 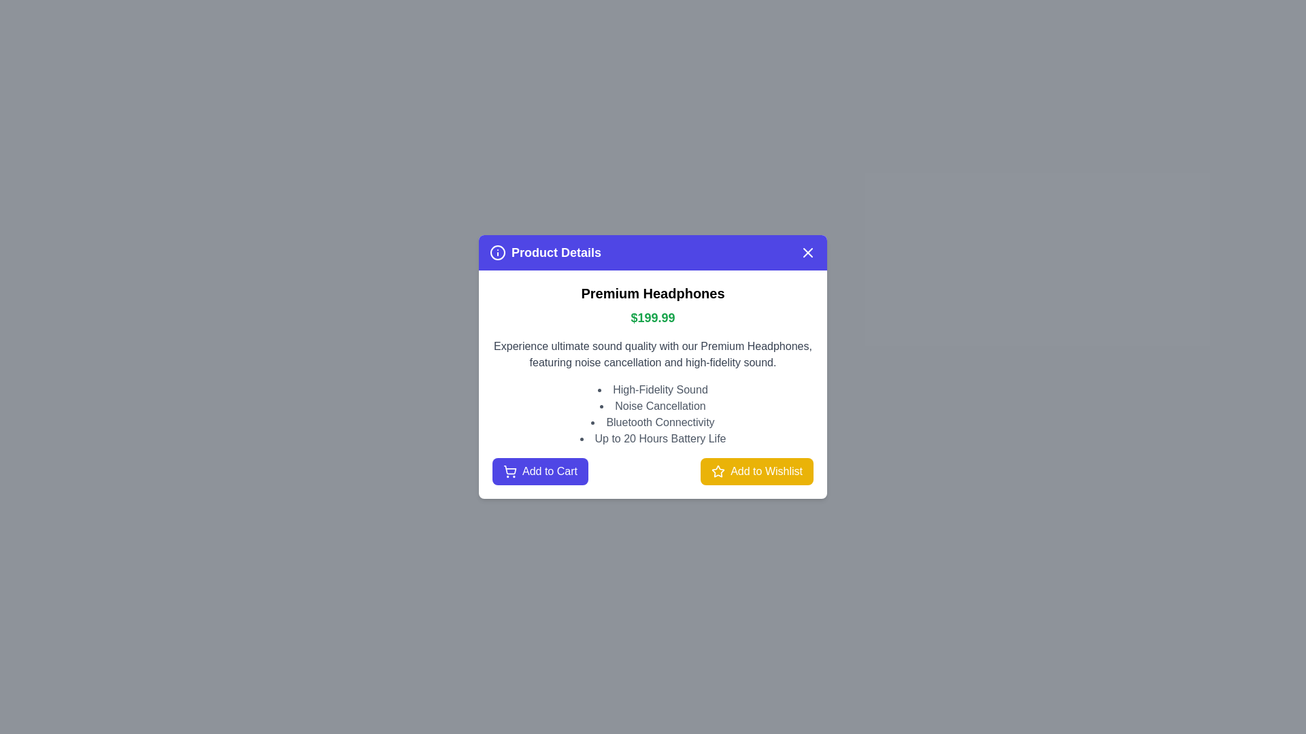 What do you see at coordinates (497, 252) in the screenshot?
I see `the information icon in the header to inspect additional information` at bounding box center [497, 252].